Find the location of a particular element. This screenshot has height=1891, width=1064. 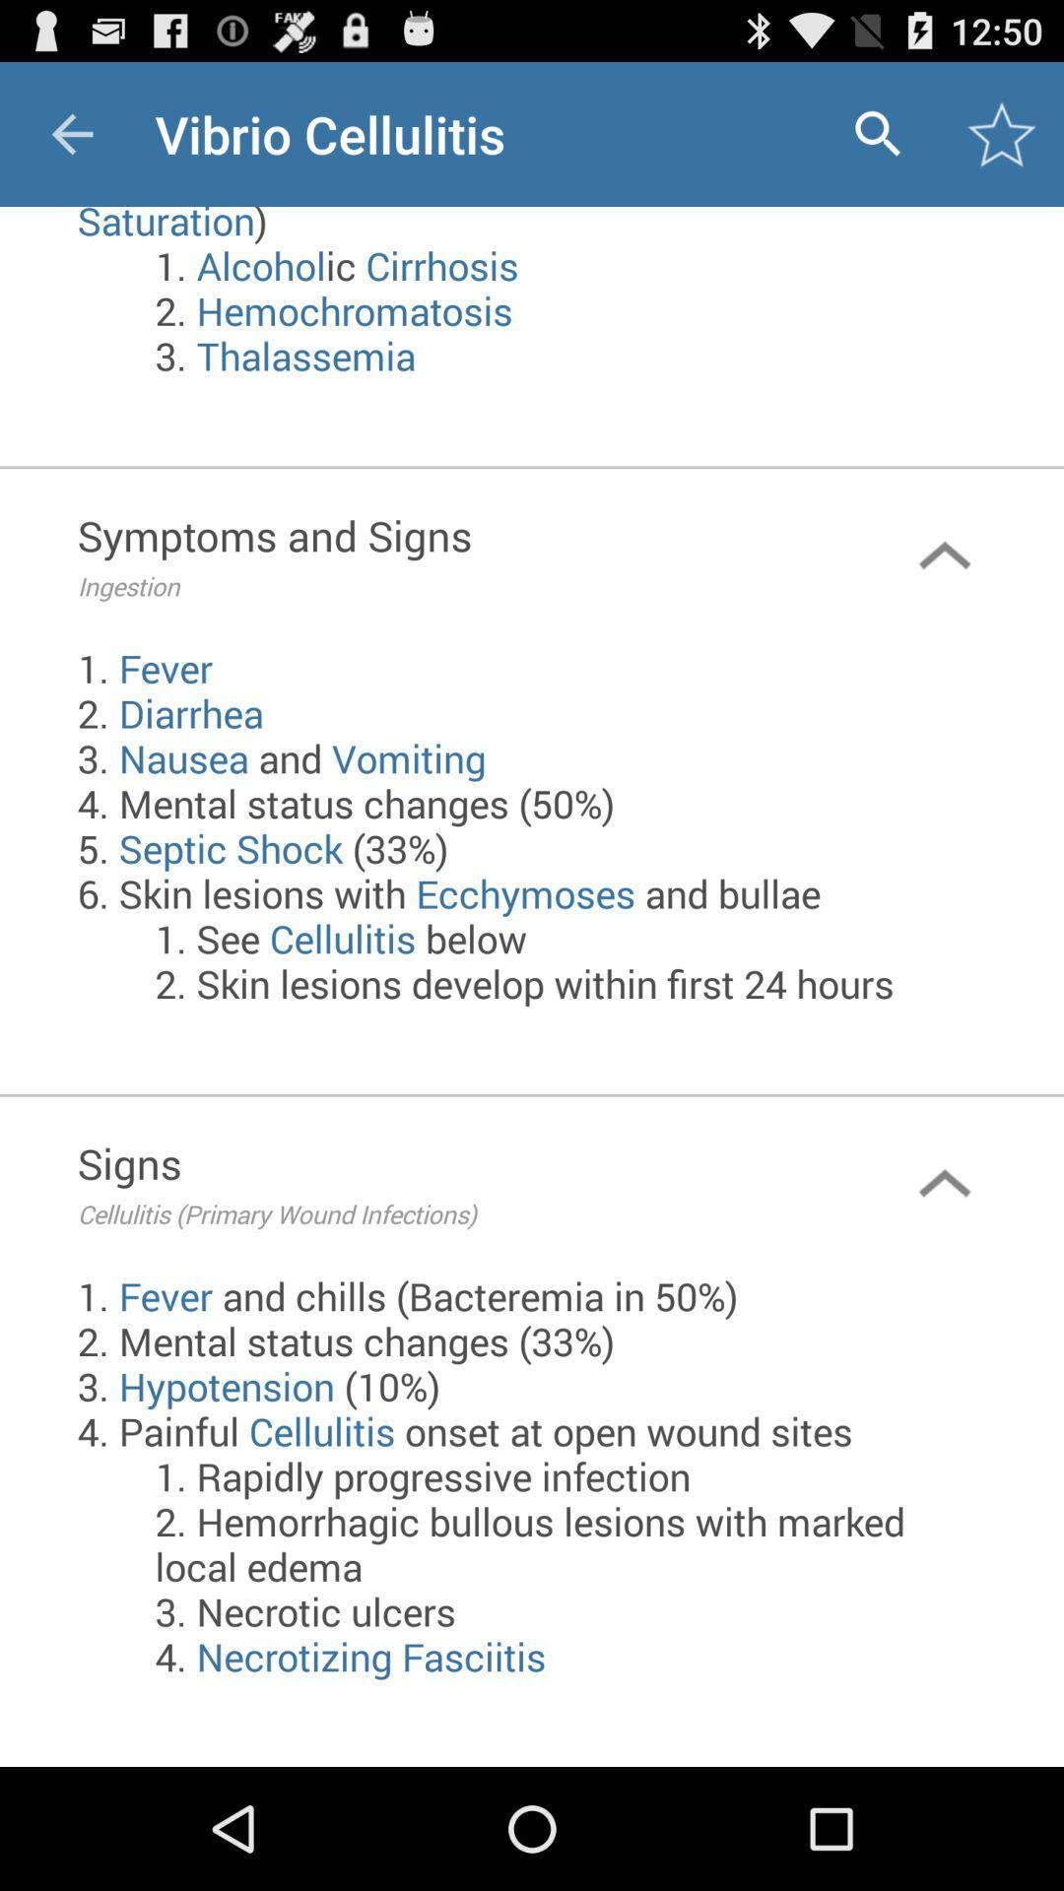

the arrow_upward icon is located at coordinates (944, 1266).